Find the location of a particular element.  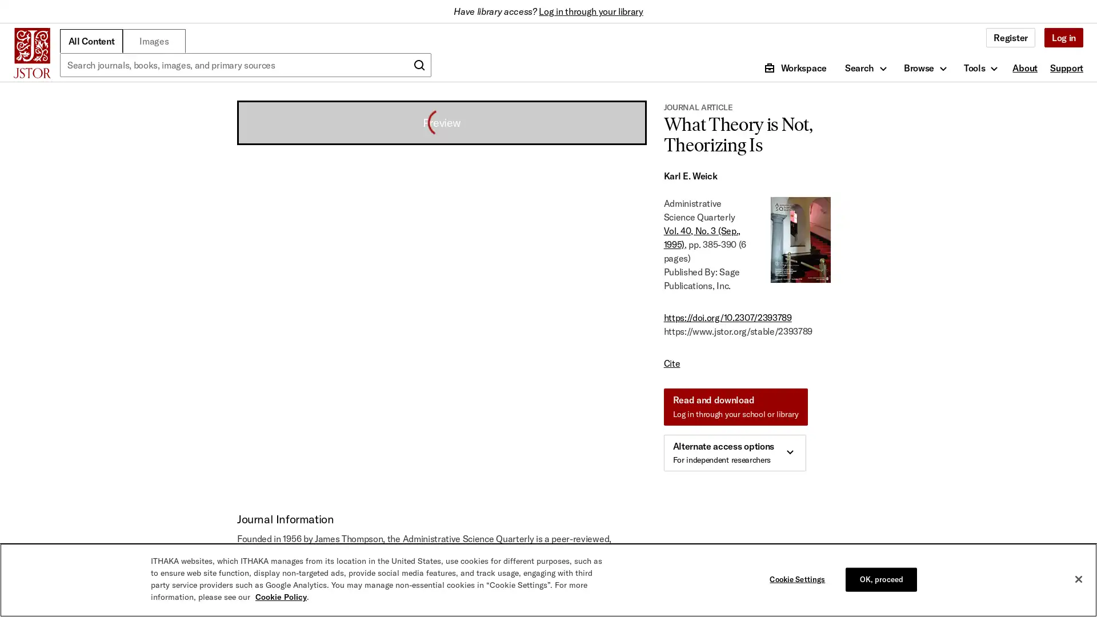

Log in is located at coordinates (1063, 37).